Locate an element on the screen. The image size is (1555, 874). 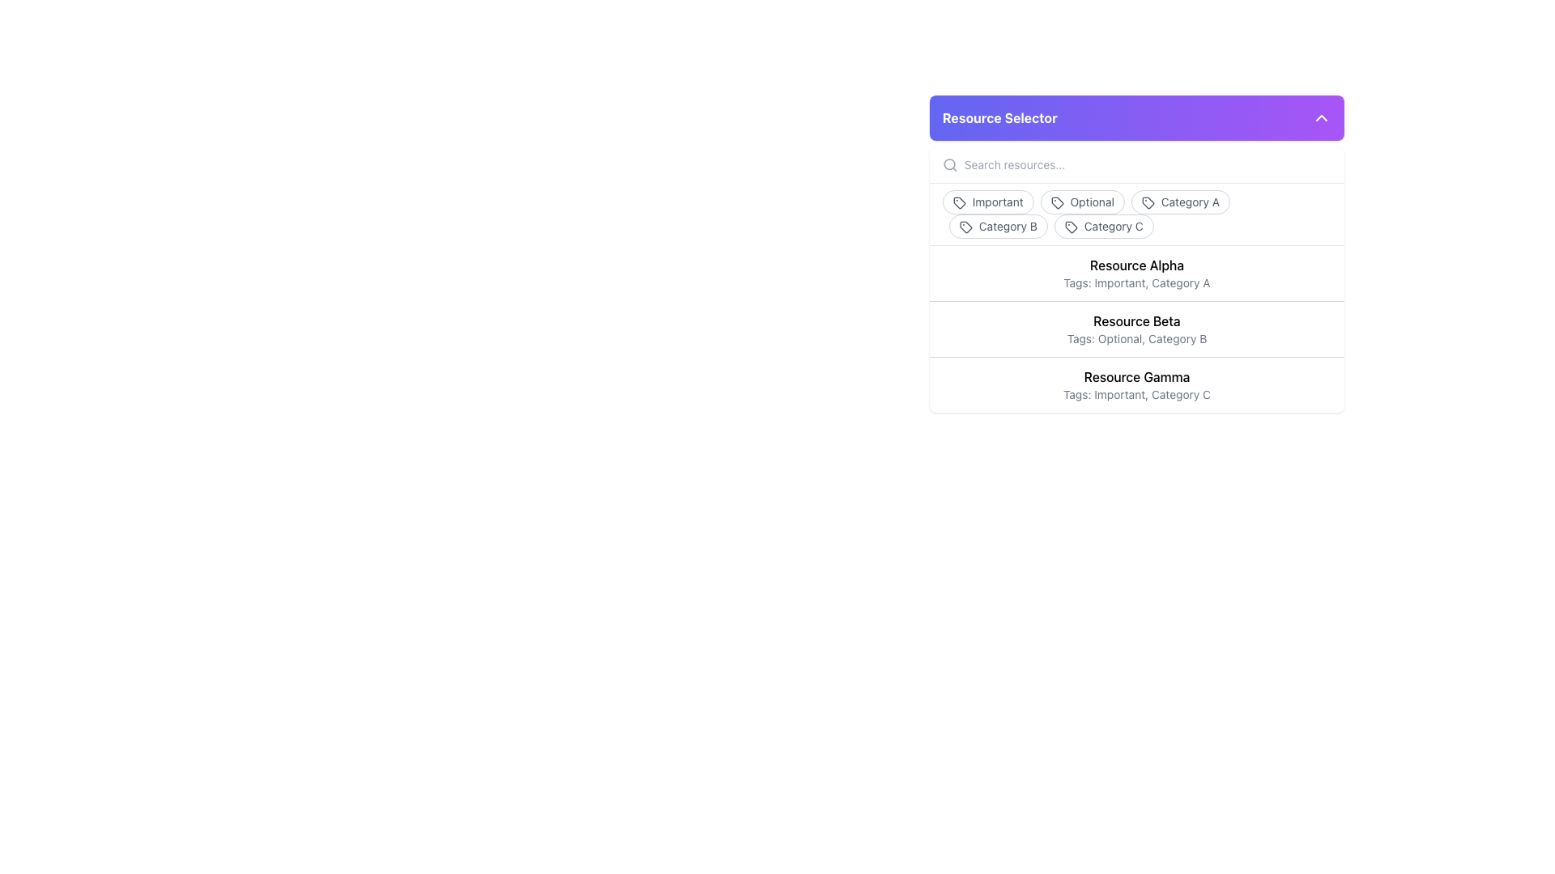
the tag icon of the 'Category C' button, which is styled with a modern design and located centrally within the button, positioned under the search bar is located at coordinates (1071, 227).